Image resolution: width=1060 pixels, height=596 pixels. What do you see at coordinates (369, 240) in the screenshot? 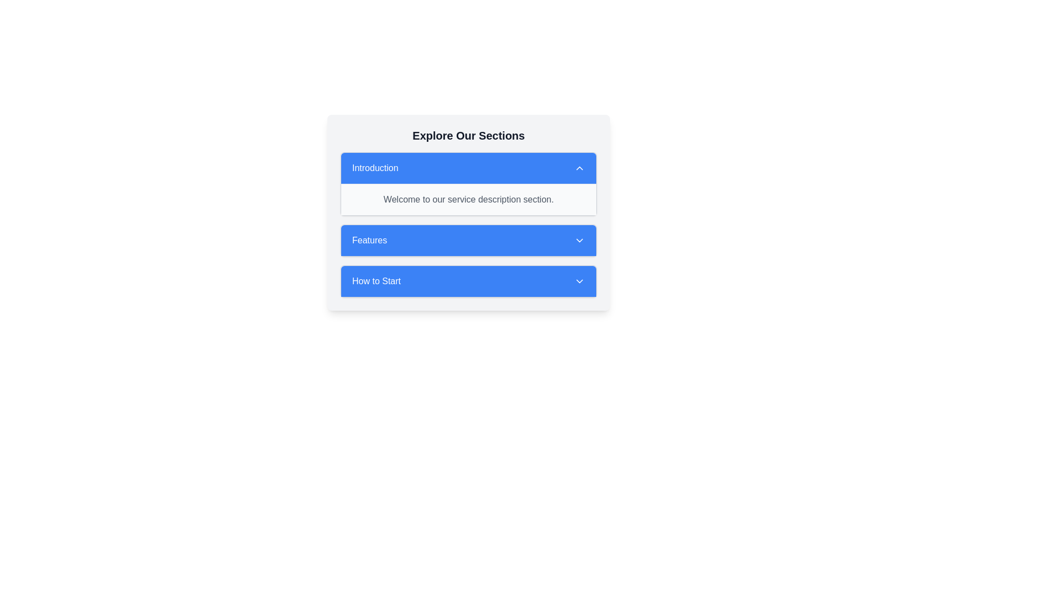
I see `text from the label that reads 'Features', which is styled with medium font weight and white color on a blue background in the second collapsible section header` at bounding box center [369, 240].